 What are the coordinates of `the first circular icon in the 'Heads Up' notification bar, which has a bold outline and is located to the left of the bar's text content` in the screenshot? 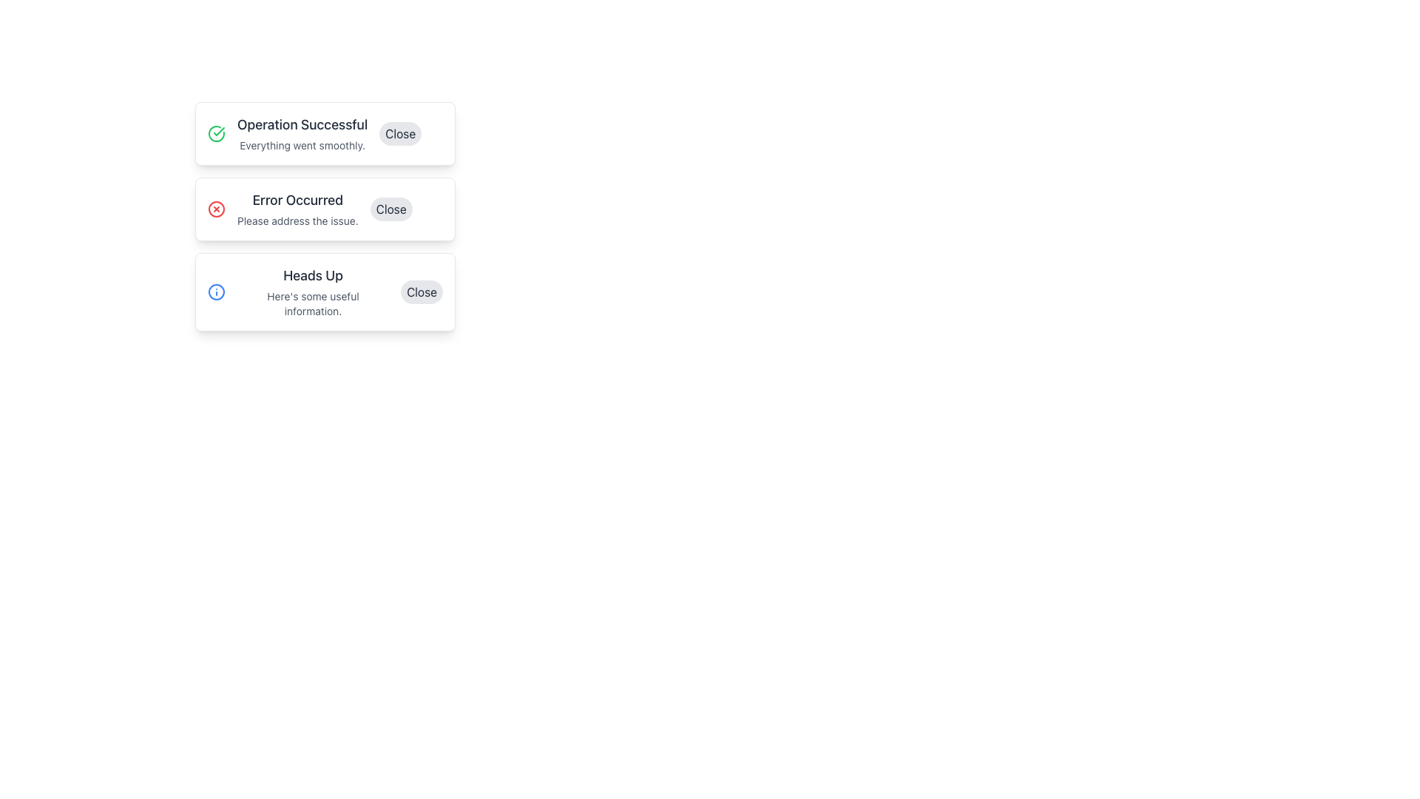 It's located at (215, 291).